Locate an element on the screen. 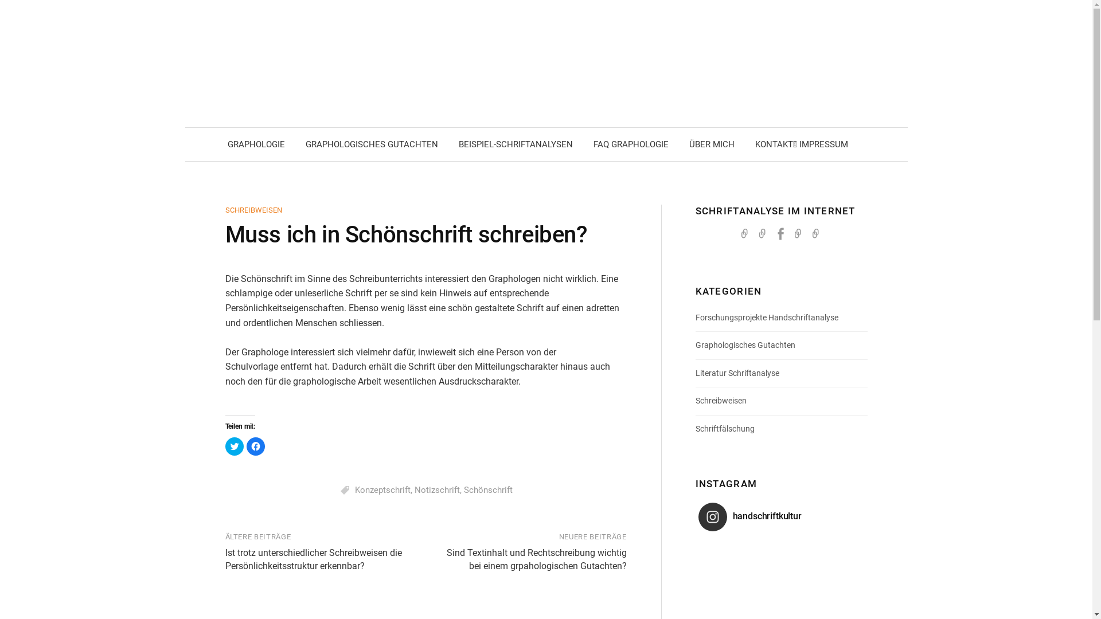  'Literatur Schriftanalyse' is located at coordinates (737, 373).